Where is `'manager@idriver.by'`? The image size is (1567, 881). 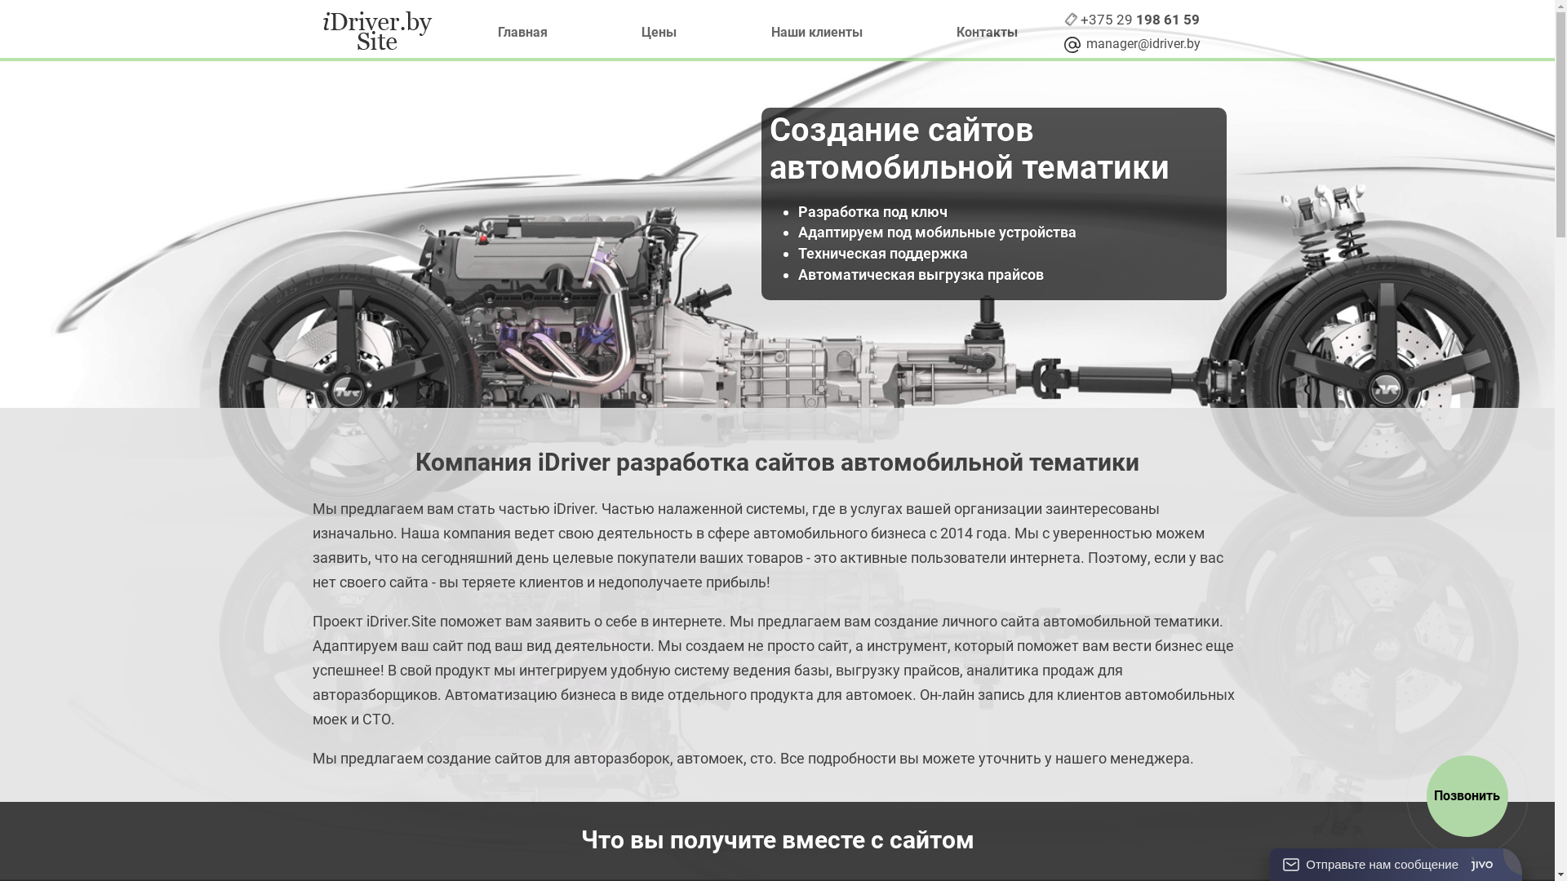
'manager@idriver.by' is located at coordinates (1081, 43).